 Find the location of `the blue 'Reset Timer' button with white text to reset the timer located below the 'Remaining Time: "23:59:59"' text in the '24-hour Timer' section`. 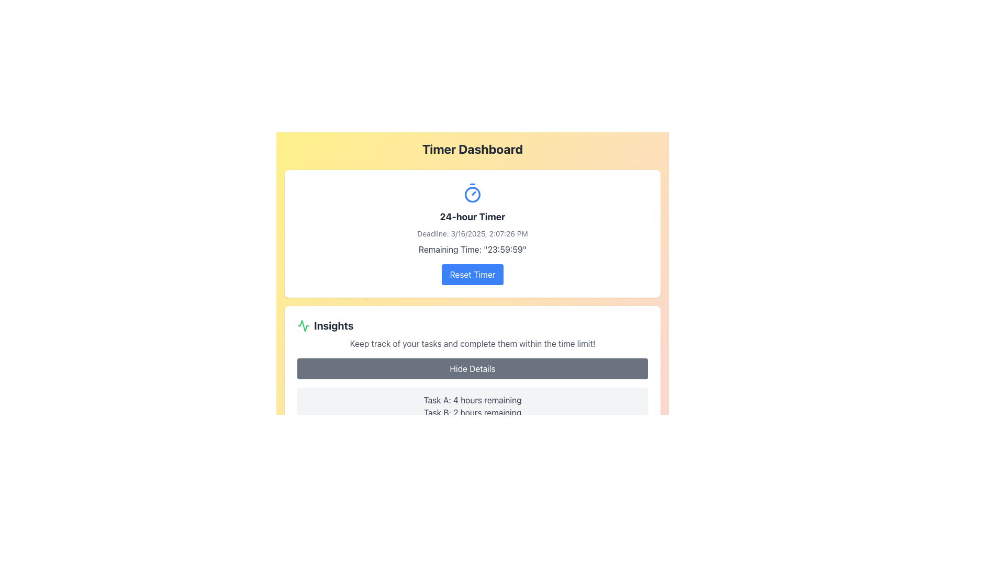

the blue 'Reset Timer' button with white text to reset the timer located below the 'Remaining Time: "23:59:59"' text in the '24-hour Timer' section is located at coordinates (472, 274).